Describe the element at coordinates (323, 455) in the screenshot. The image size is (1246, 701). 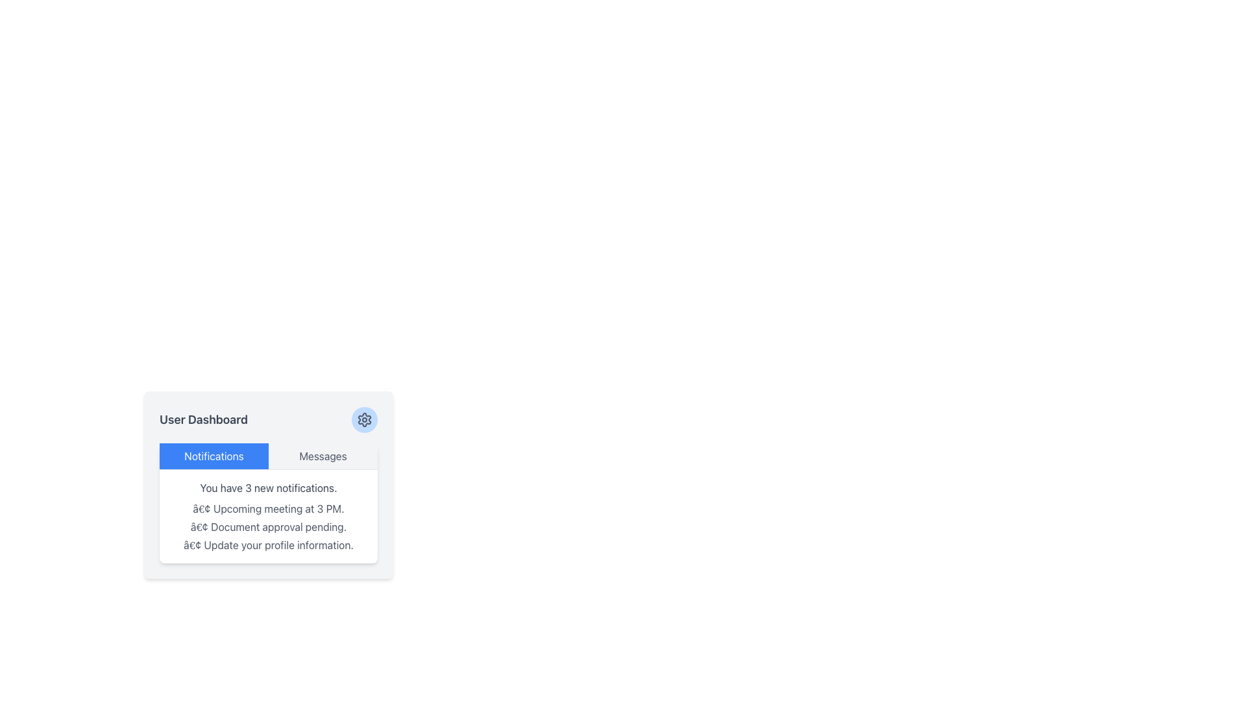
I see `the 'Messages' button located to the right of the 'Notifications' button in the header section of the User Dashboard` at that location.